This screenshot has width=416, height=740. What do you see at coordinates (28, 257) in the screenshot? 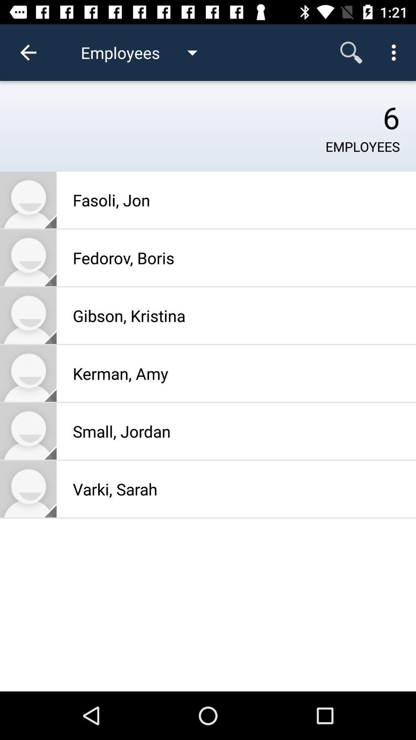
I see `profile picture` at bounding box center [28, 257].